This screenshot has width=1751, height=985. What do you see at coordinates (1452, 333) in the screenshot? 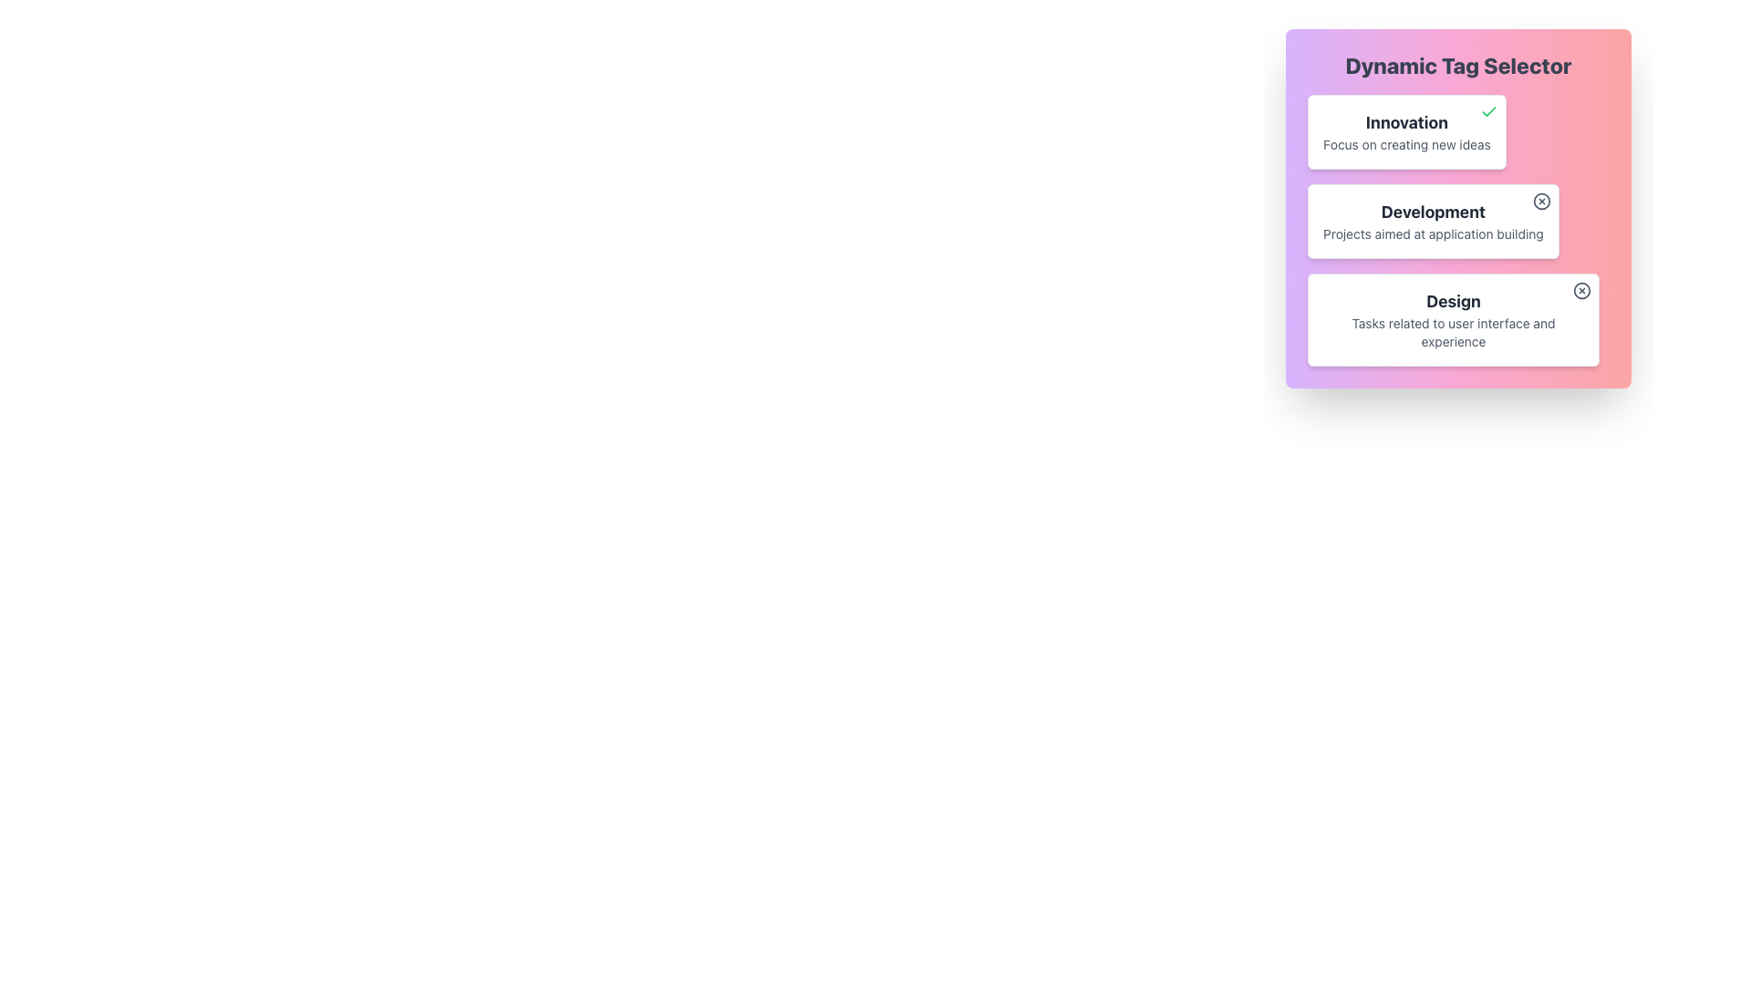
I see `the descriptive label located directly below the header 'Design', which provides additional information about the section. This label is non-interactive and is part of a vertical stack of containers` at bounding box center [1452, 333].